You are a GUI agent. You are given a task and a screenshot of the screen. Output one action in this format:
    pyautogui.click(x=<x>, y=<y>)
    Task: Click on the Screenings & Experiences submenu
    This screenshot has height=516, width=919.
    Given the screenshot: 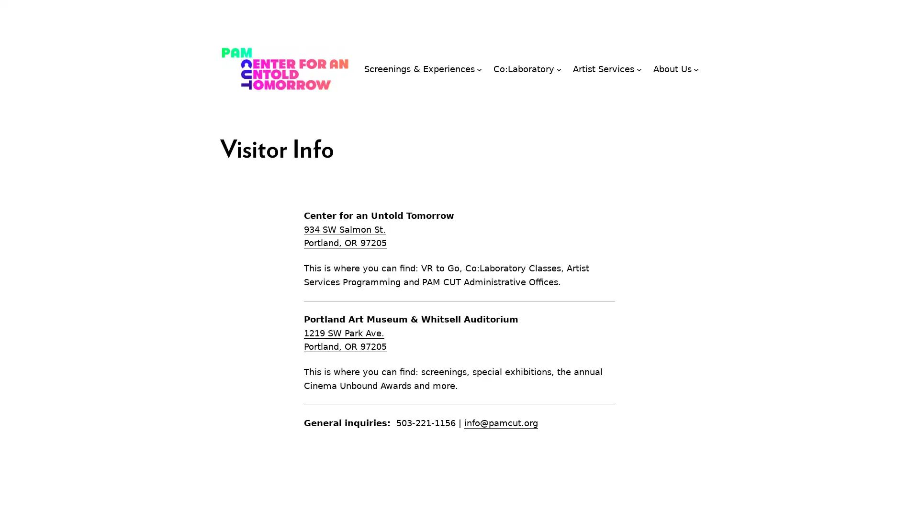 What is the action you would take?
    pyautogui.click(x=479, y=68)
    